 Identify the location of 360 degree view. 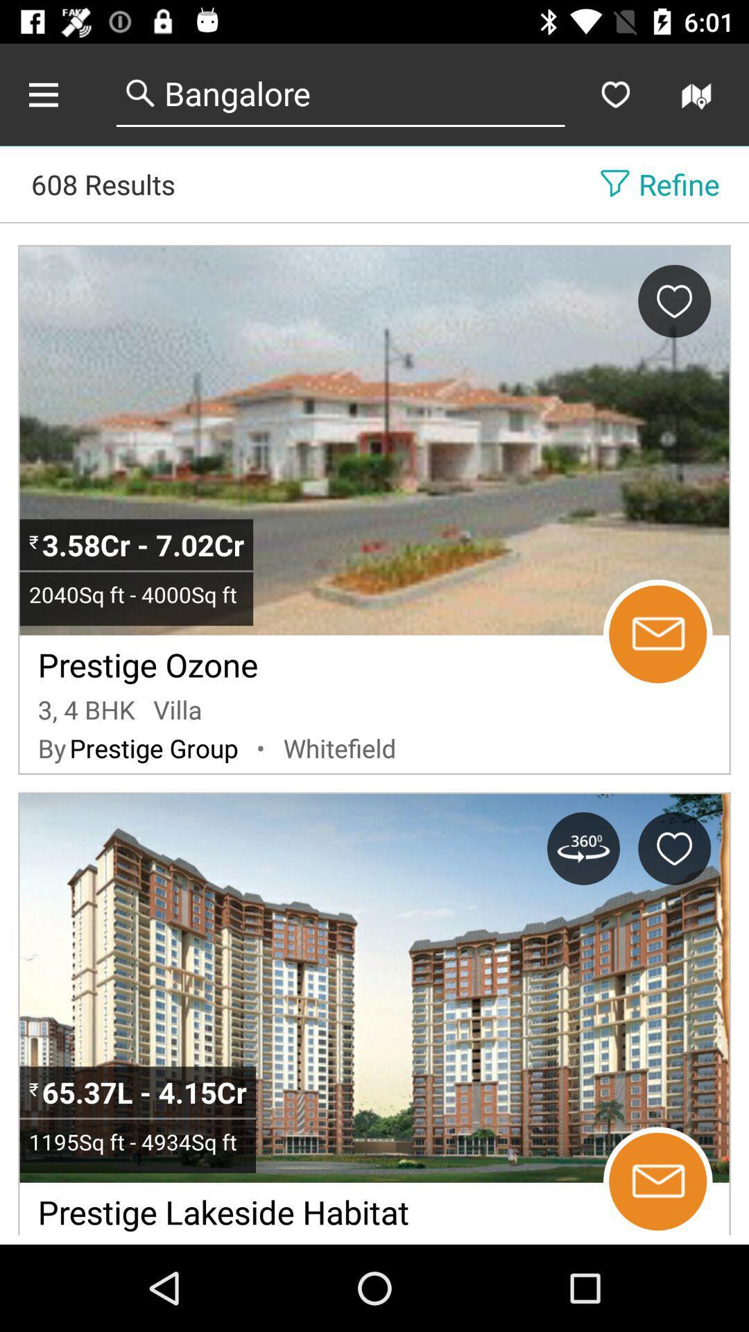
(583, 848).